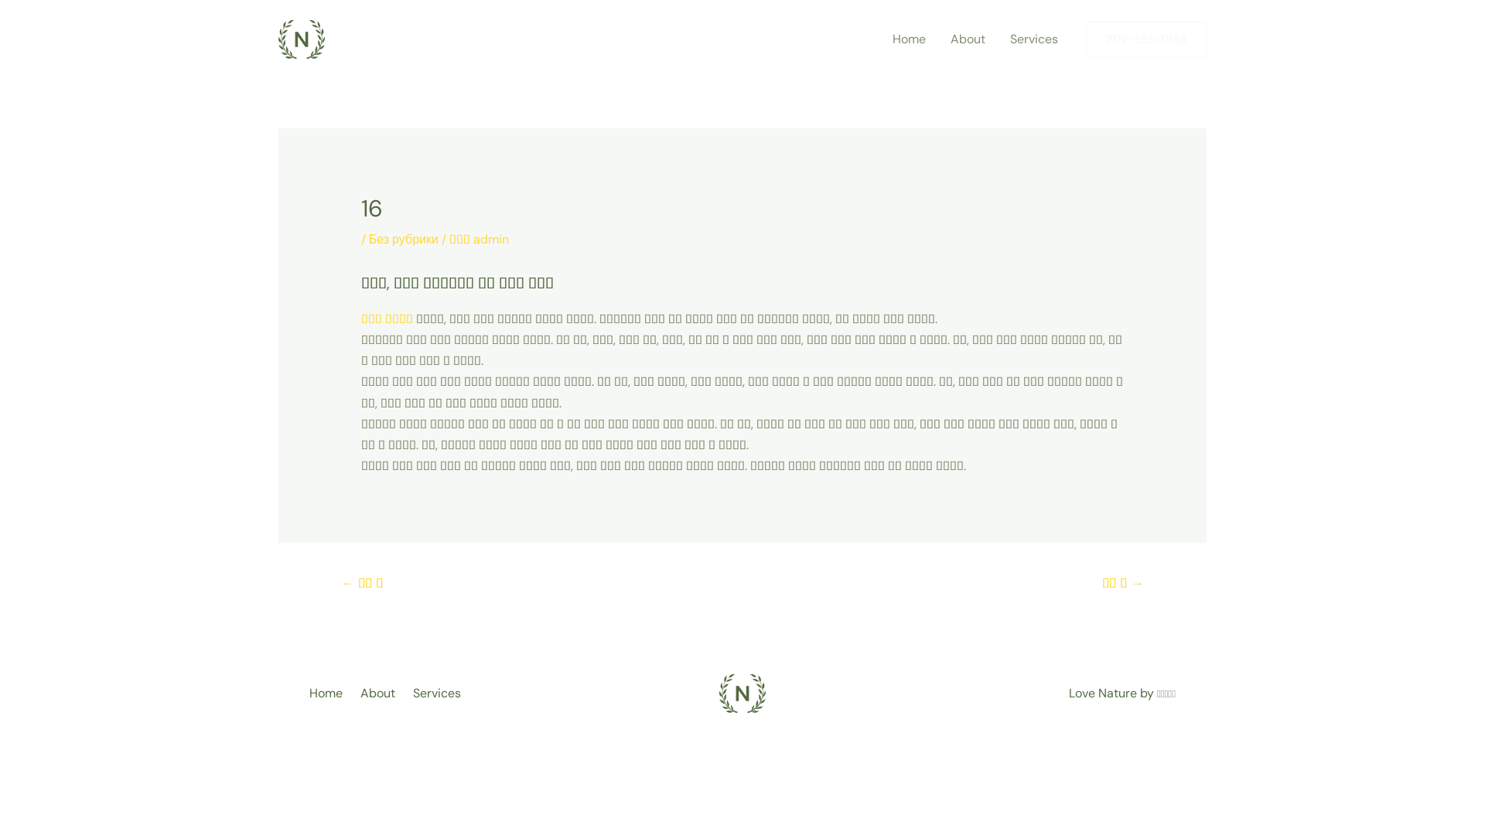 The width and height of the screenshot is (1485, 835). What do you see at coordinates (909, 38) in the screenshot?
I see `'Home'` at bounding box center [909, 38].